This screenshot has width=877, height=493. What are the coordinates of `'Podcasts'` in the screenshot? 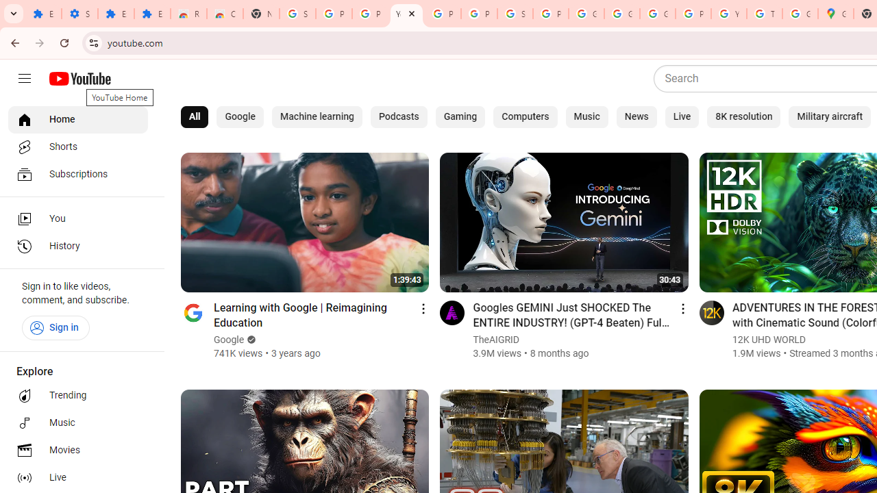 It's located at (398, 116).